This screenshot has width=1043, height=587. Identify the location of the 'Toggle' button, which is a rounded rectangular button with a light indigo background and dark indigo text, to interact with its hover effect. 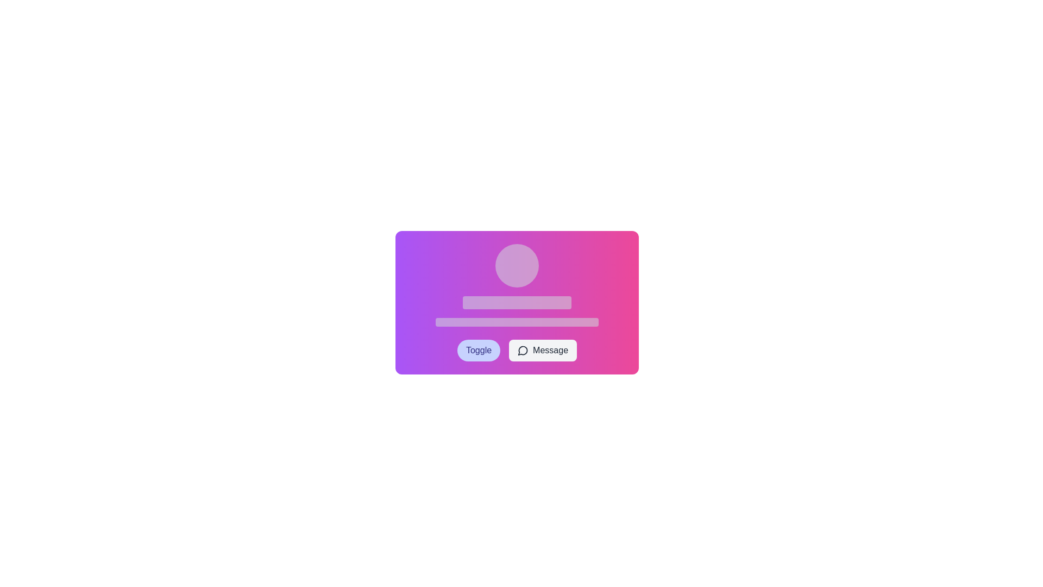
(478, 350).